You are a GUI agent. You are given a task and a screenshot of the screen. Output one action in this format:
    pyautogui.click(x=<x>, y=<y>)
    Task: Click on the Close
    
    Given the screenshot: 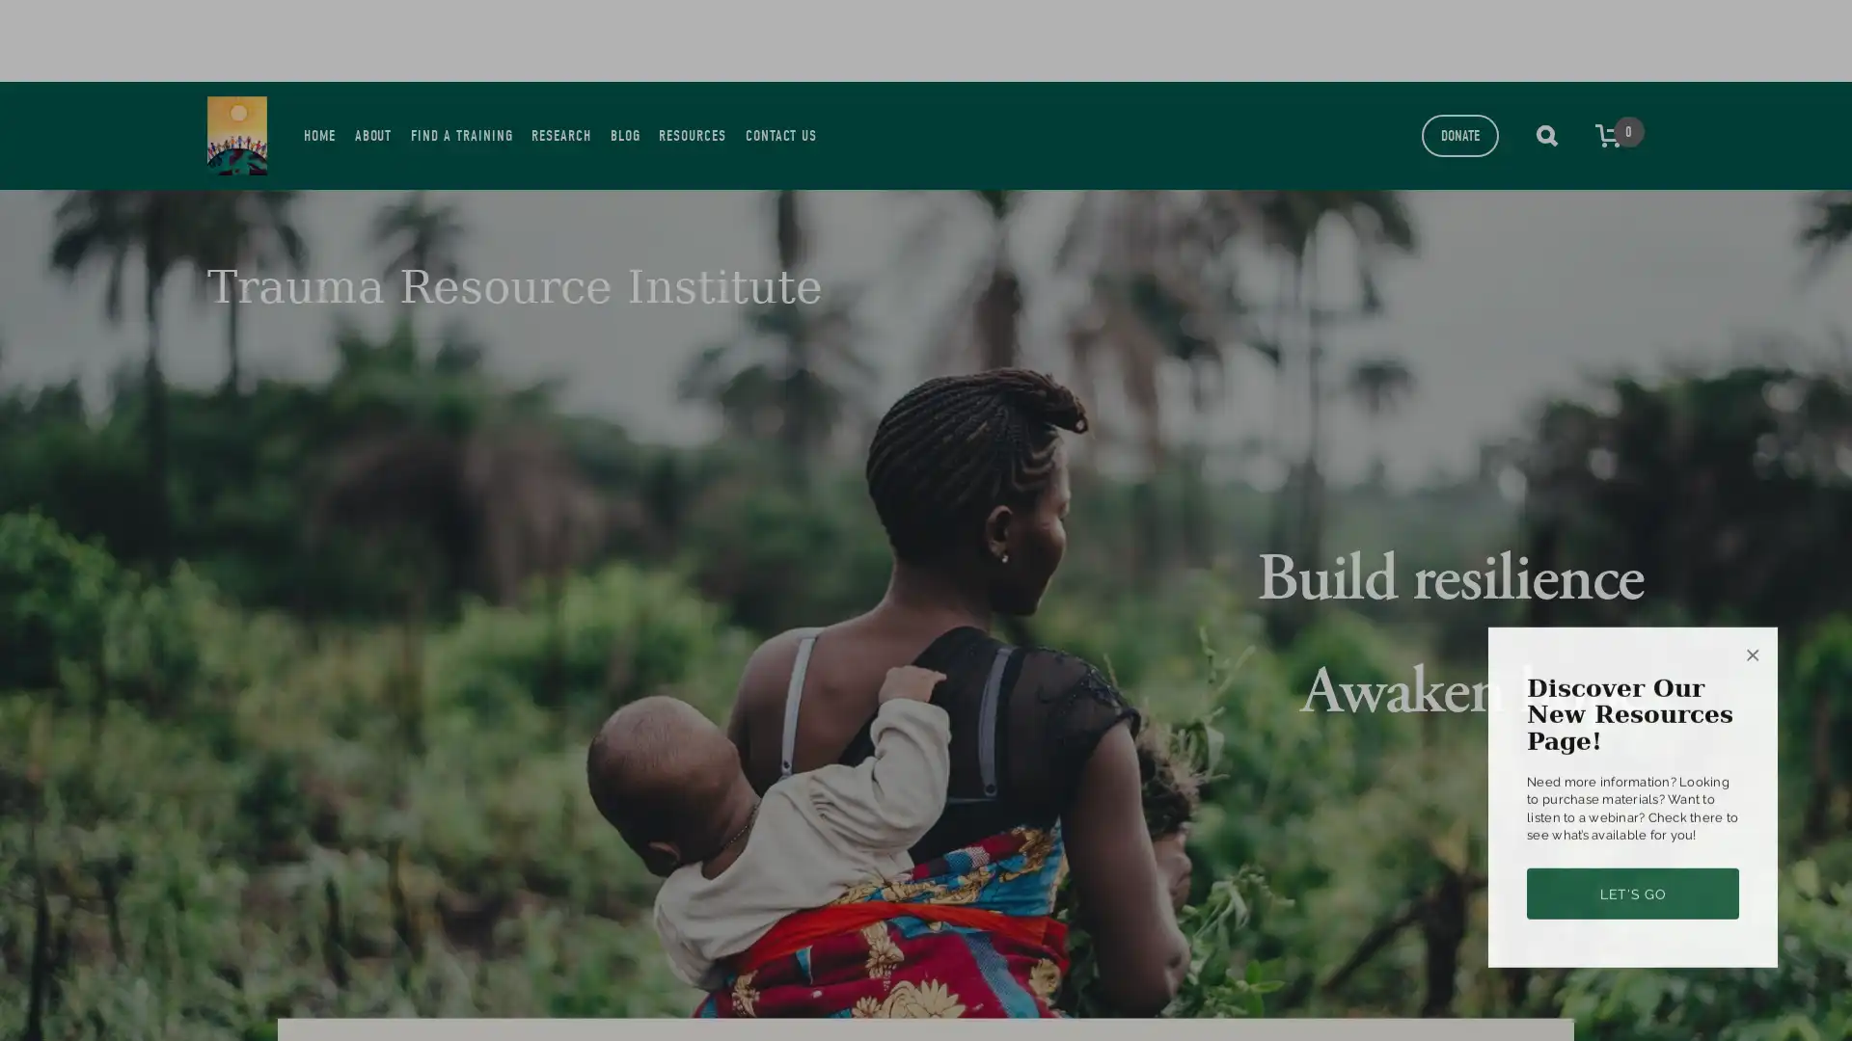 What is the action you would take?
    pyautogui.click(x=1753, y=597)
    